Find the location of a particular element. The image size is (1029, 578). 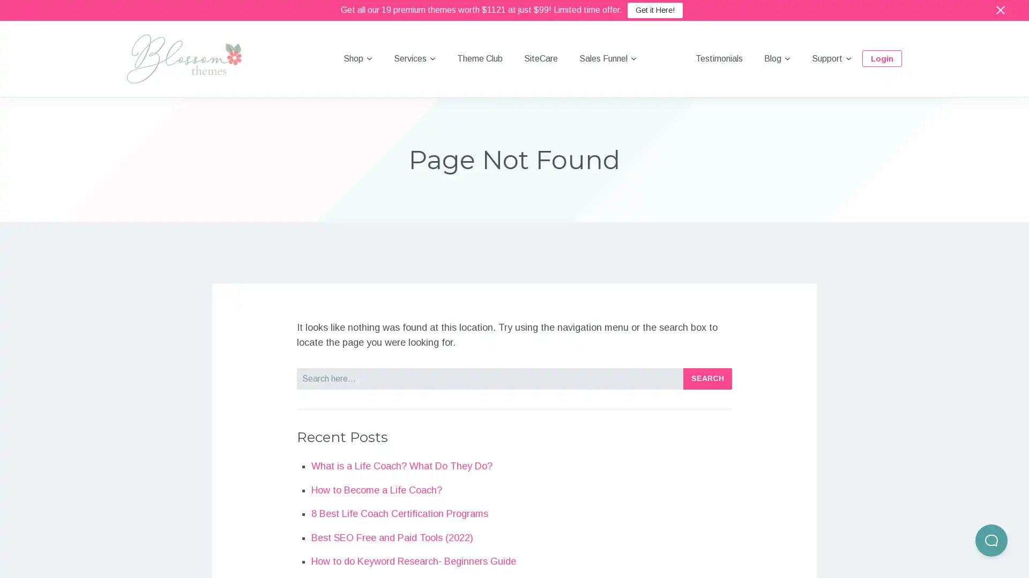

Search is located at coordinates (707, 377).